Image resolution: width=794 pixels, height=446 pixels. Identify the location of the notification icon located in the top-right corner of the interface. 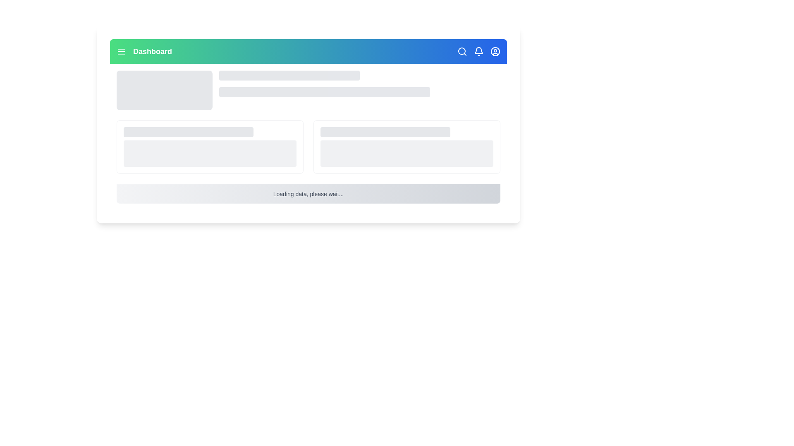
(478, 51).